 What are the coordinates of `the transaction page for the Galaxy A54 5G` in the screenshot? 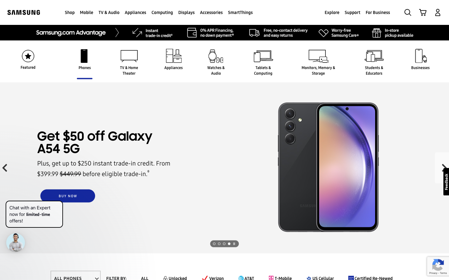 It's located at (68, 196).